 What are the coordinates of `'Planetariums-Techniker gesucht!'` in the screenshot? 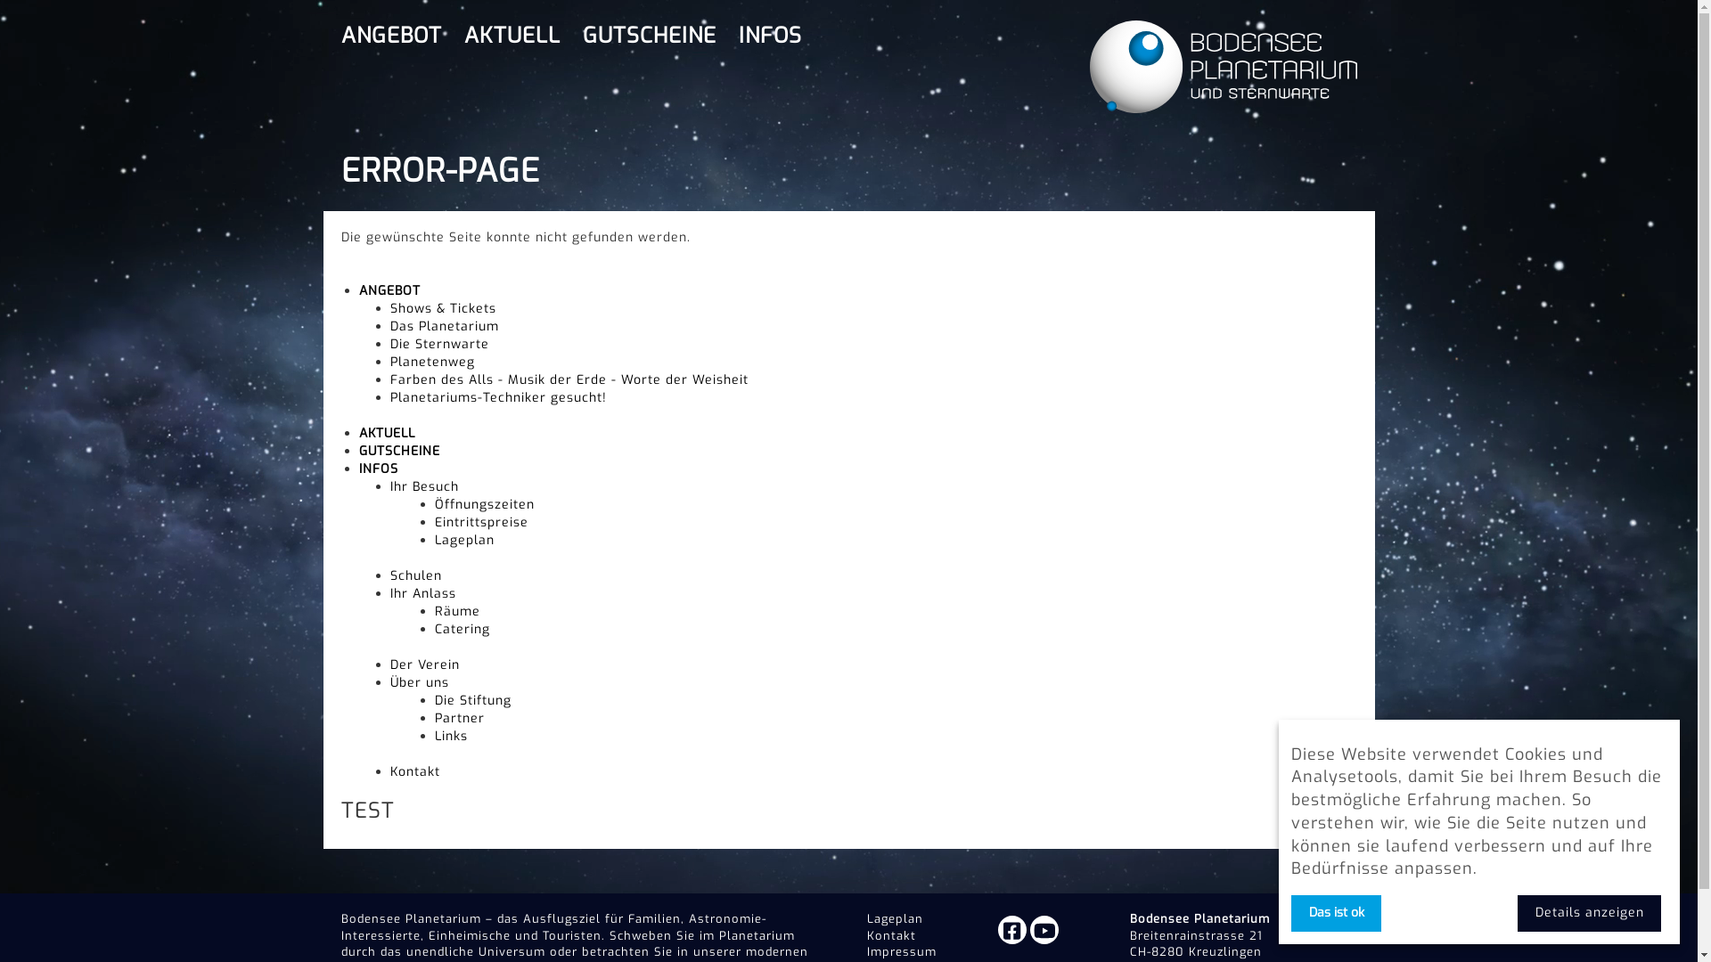 It's located at (498, 396).